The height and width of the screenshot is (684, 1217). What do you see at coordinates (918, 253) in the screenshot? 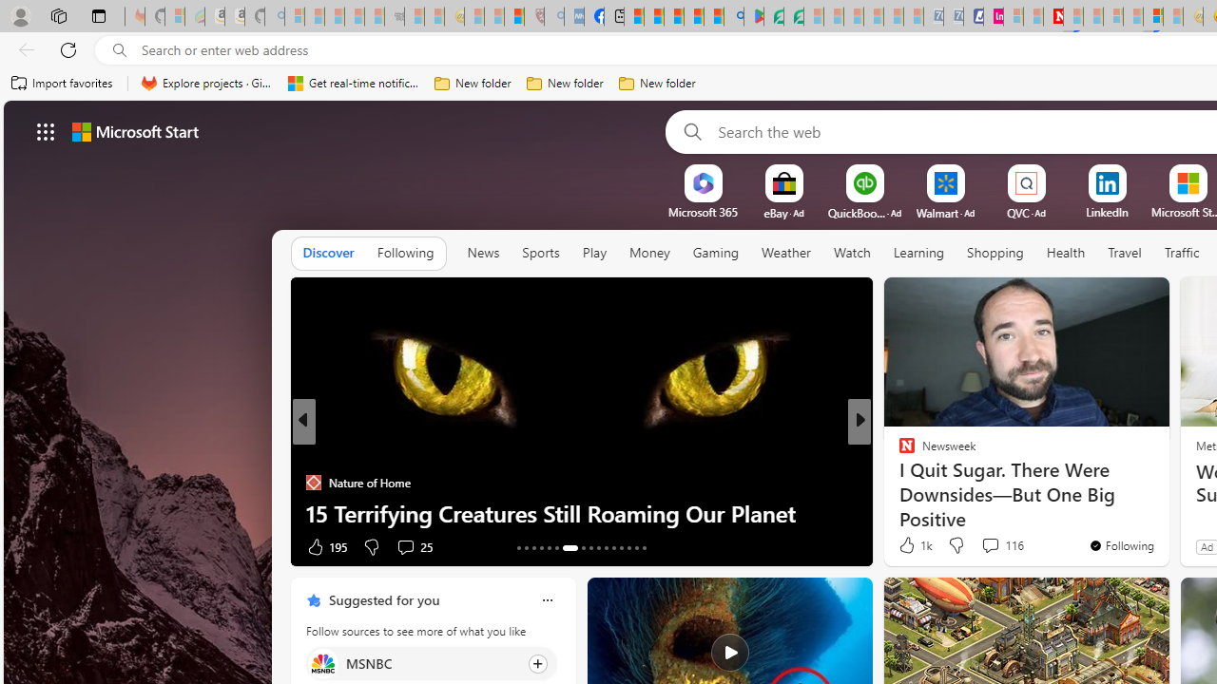
I see `'Learning'` at bounding box center [918, 253].